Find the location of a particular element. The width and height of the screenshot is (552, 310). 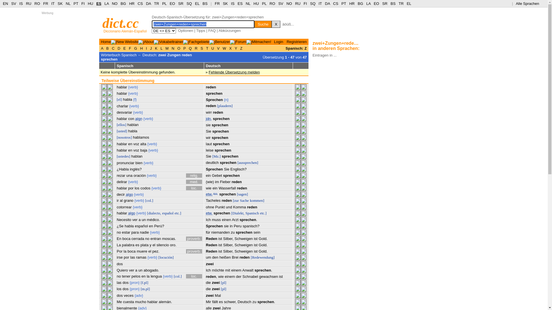

'hablar' is located at coordinates (116, 188).